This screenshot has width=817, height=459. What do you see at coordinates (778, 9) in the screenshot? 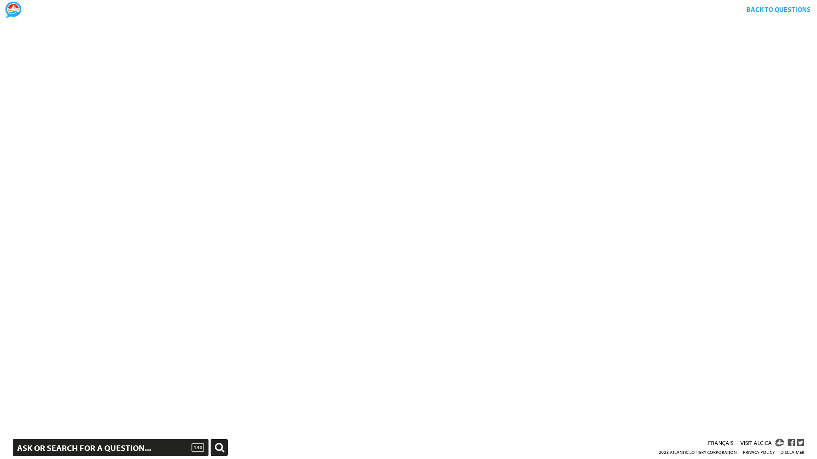
I see `'BACK TO QUESTIONS'` at bounding box center [778, 9].